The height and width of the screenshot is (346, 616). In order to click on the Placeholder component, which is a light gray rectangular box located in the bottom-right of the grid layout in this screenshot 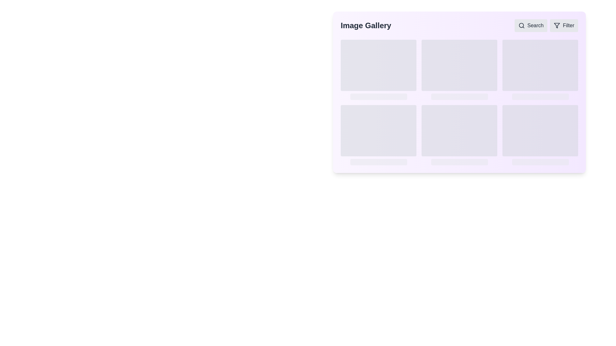, I will do `click(540, 135)`.